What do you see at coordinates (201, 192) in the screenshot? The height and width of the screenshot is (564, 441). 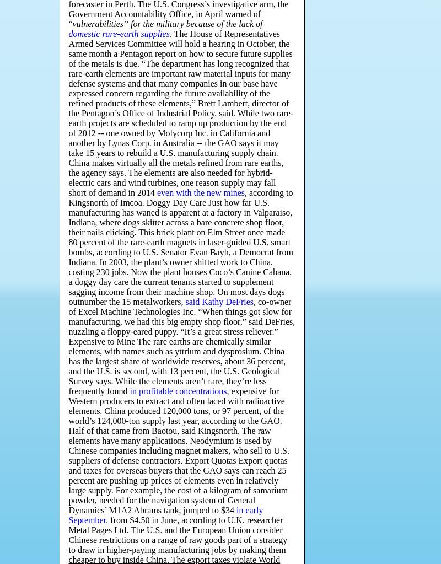 I see `'even with the new mines'` at bounding box center [201, 192].